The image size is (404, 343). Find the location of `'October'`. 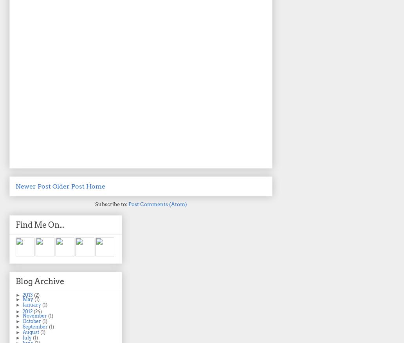

'October' is located at coordinates (32, 321).